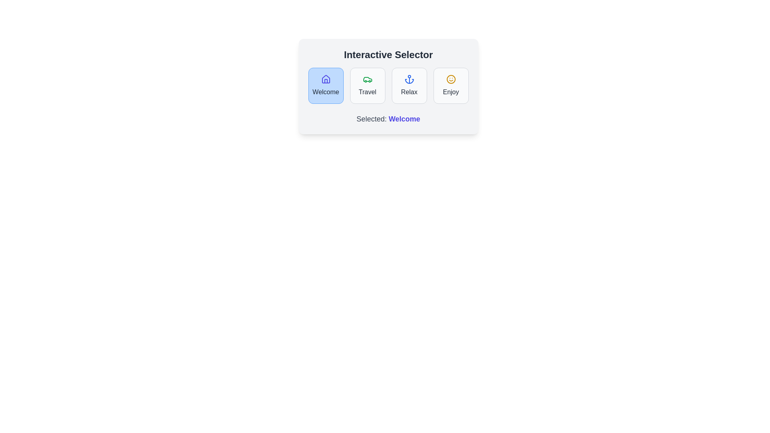 The width and height of the screenshot is (770, 433). I want to click on the 'Welcome' icon within the 'Interactive Selector' option group, which visually represents the 'Welcome' option, so click(326, 79).